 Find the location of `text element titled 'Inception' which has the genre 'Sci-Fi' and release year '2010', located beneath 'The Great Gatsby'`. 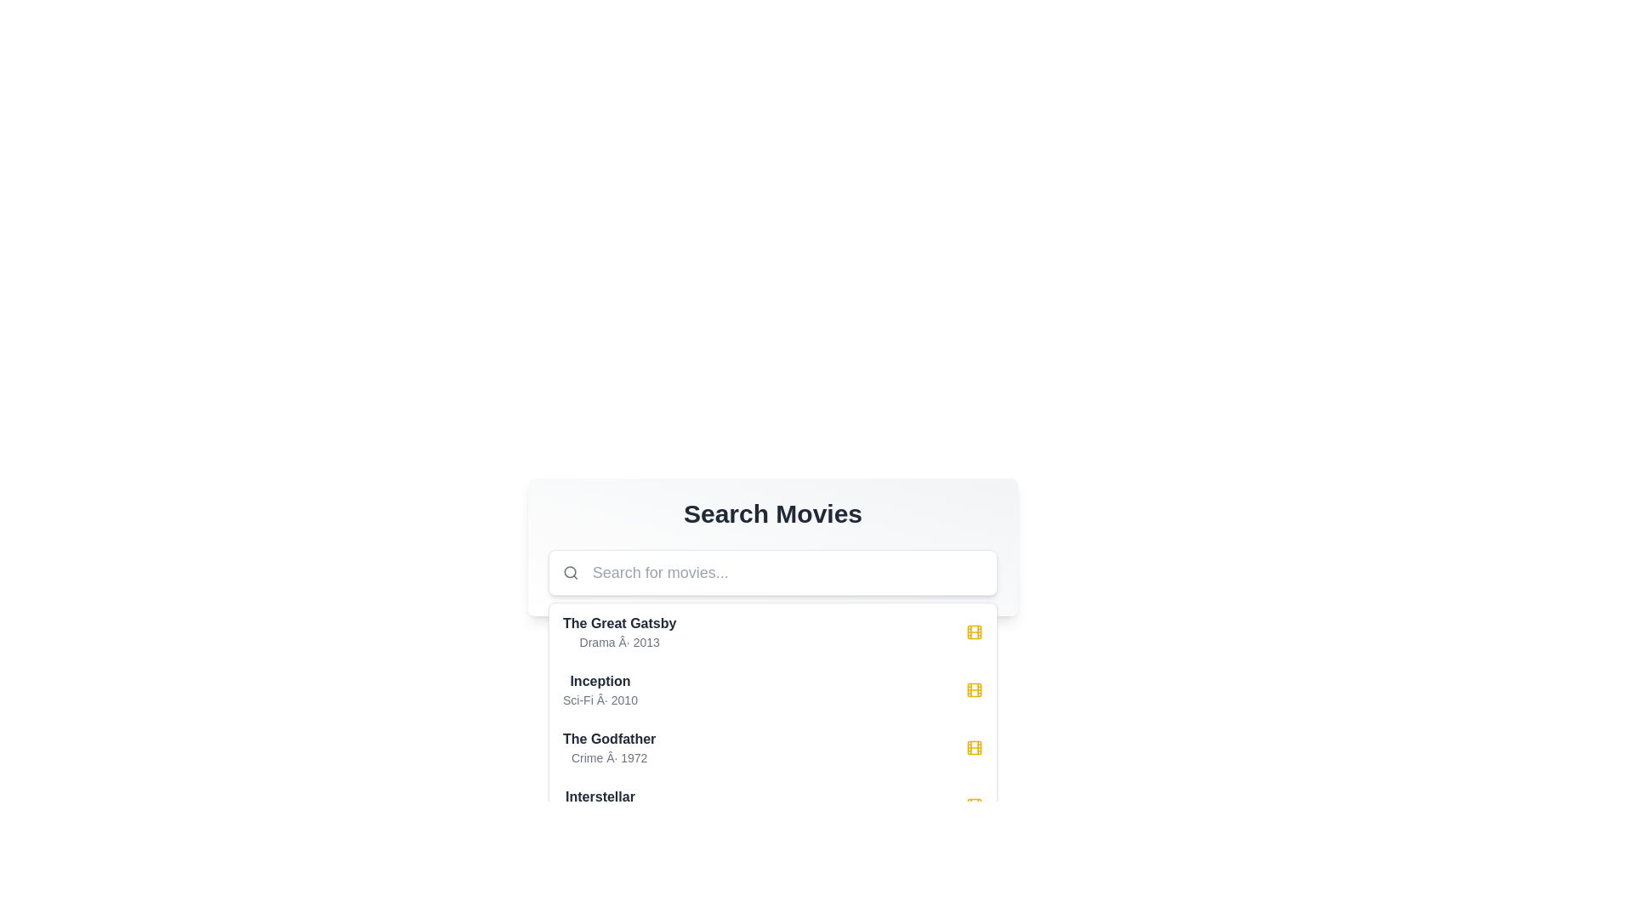

text element titled 'Inception' which has the genre 'Sci-Fi' and release year '2010', located beneath 'The Great Gatsby' is located at coordinates (600, 690).